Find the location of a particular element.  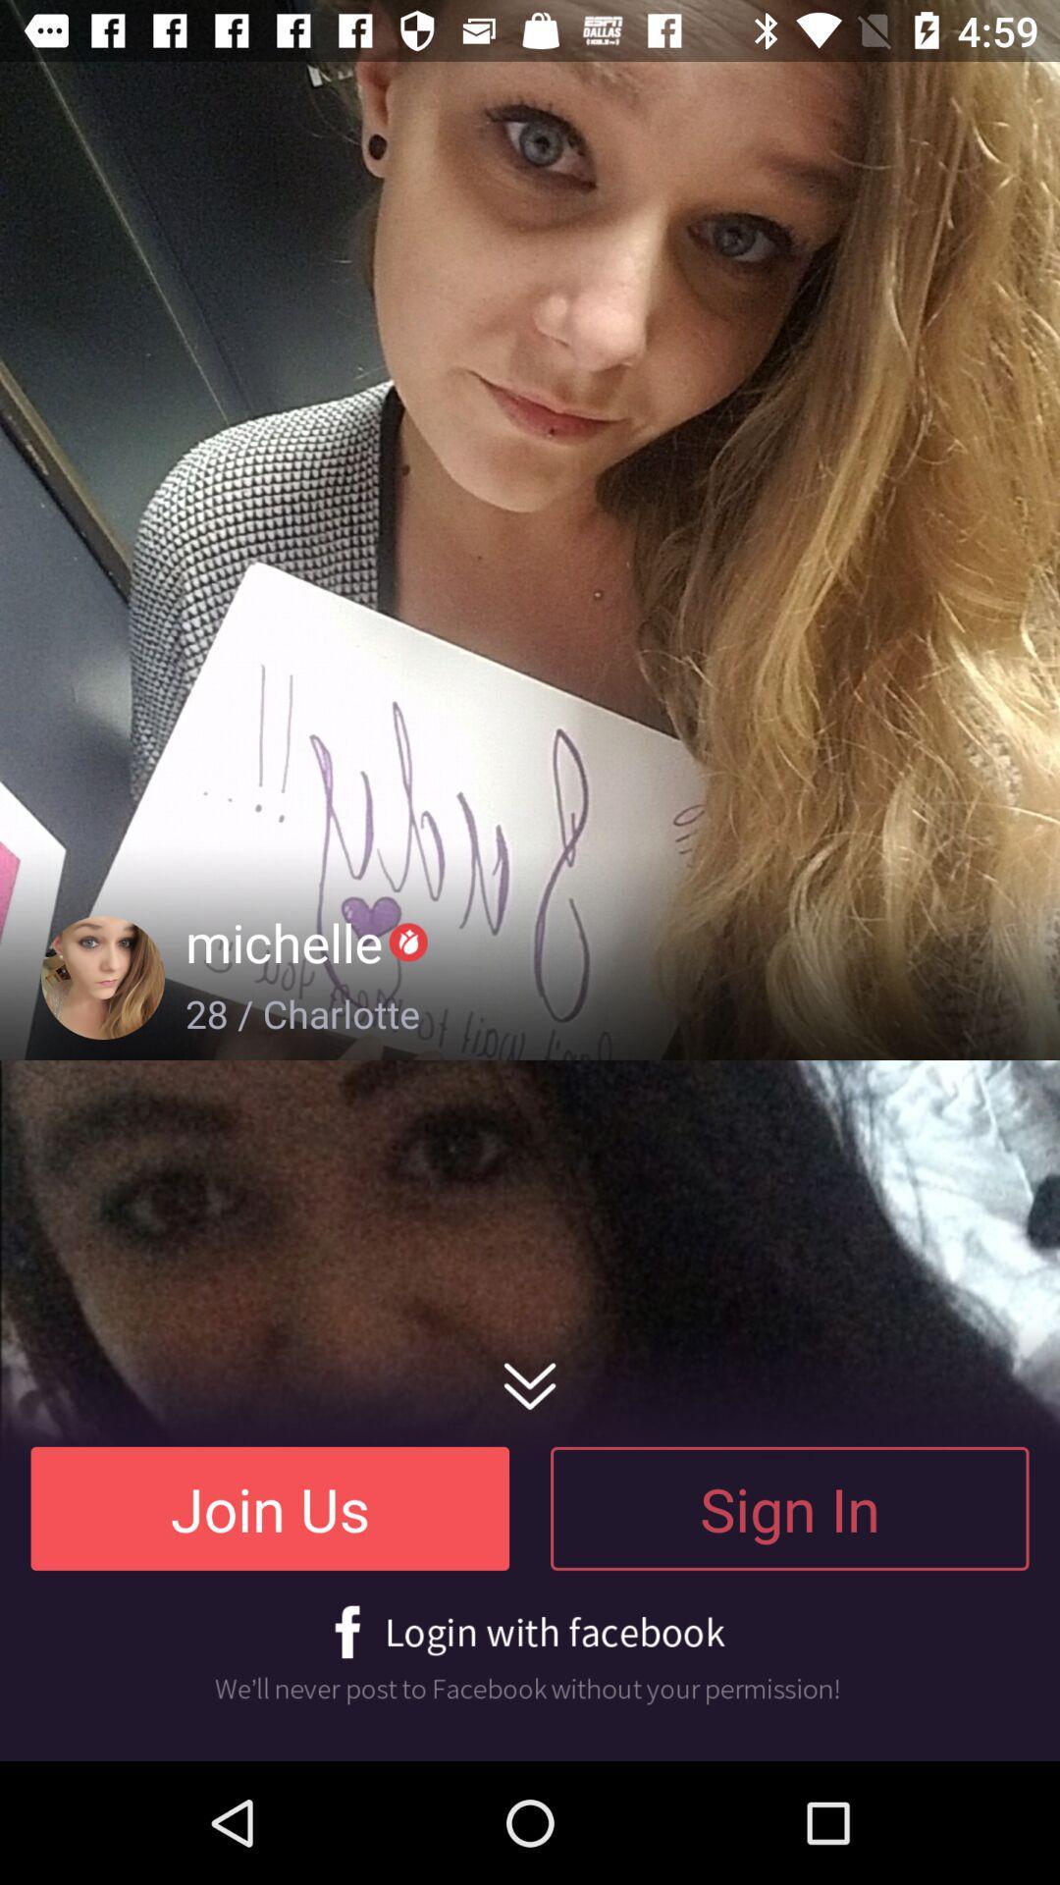

the icon to the left of sign in item is located at coordinates (270, 1507).